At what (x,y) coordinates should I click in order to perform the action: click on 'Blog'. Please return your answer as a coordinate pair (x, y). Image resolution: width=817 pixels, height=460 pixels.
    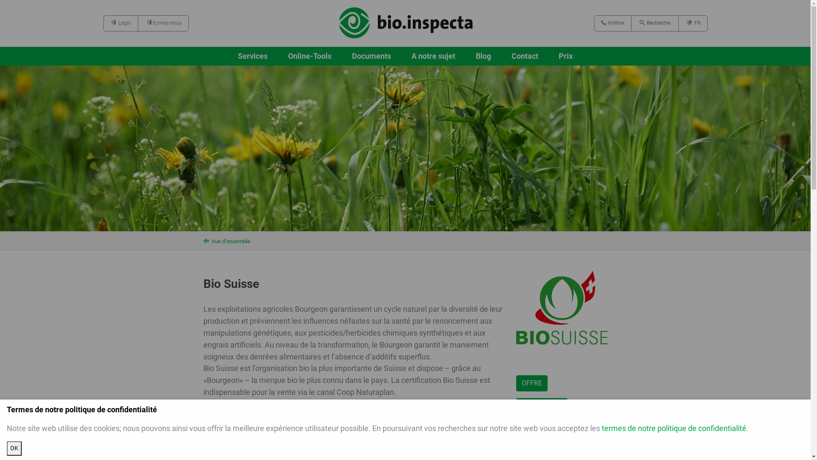
    Looking at the image, I should click on (475, 56).